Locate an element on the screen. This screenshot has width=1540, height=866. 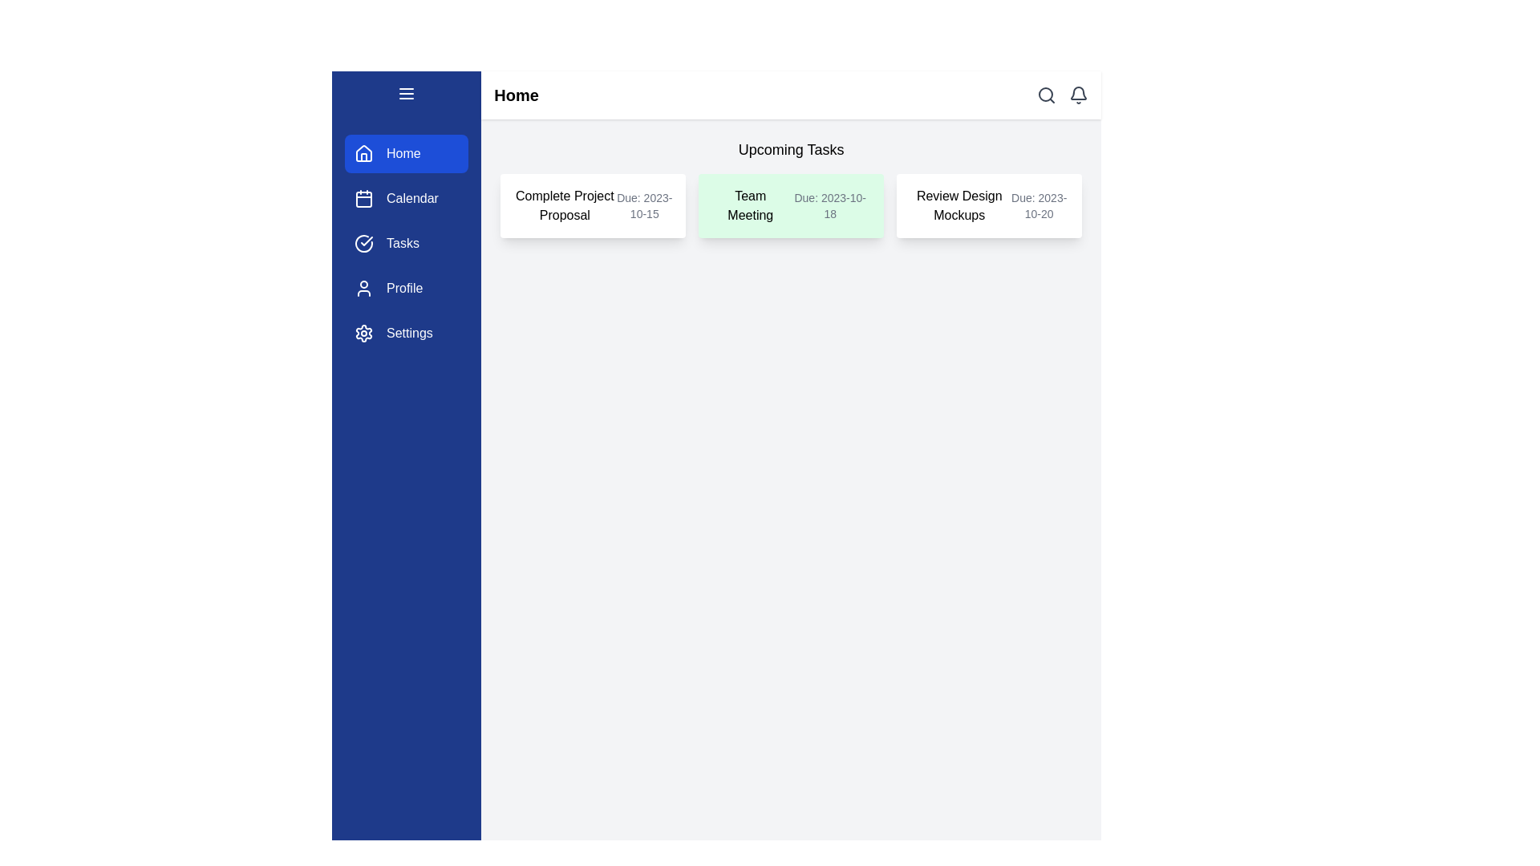
the gear icon representing settings in the navigation bar is located at coordinates (363, 333).